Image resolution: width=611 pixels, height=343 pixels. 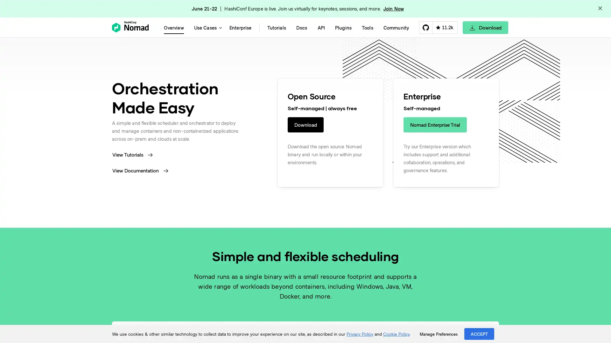 What do you see at coordinates (600, 9) in the screenshot?
I see `Dismiss alert` at bounding box center [600, 9].